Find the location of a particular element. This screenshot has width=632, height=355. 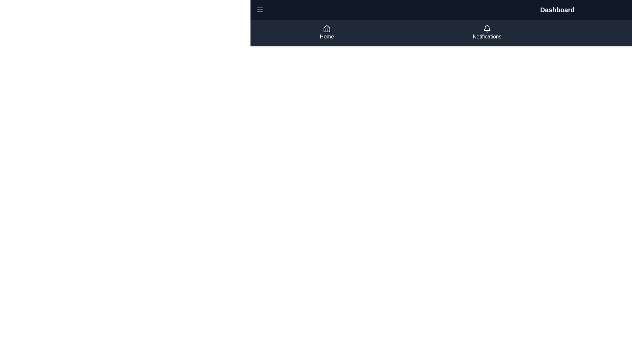

the 'Home' button in the navigation bar is located at coordinates (327, 33).